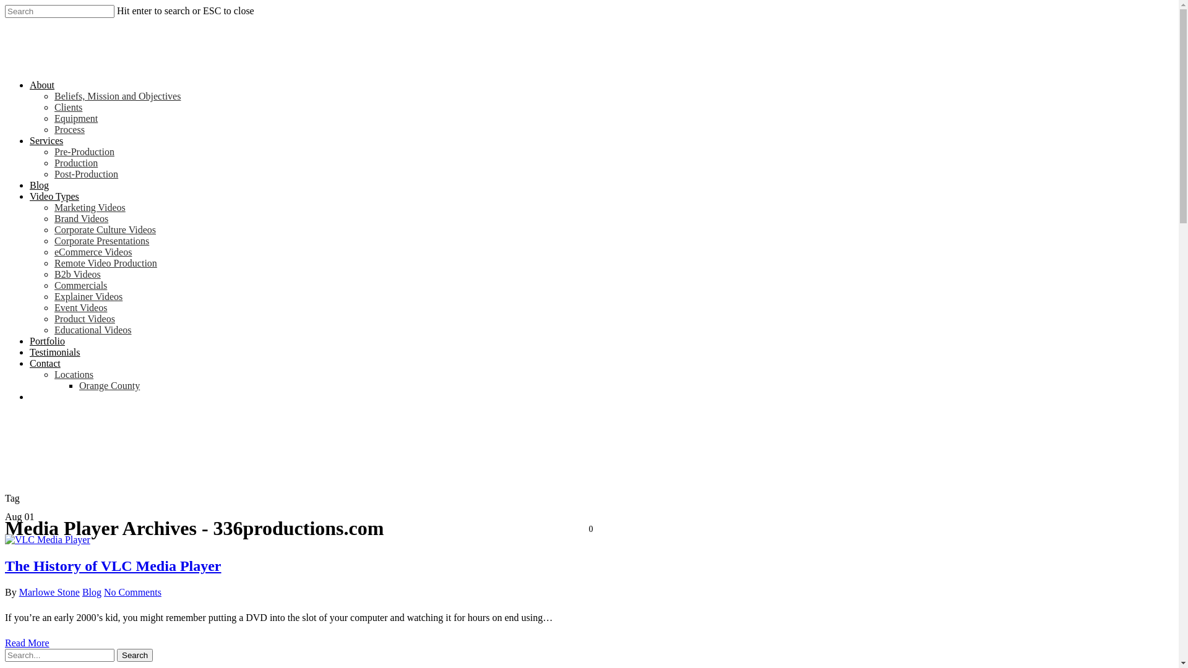 Image resolution: width=1188 pixels, height=668 pixels. I want to click on 'B2b Videos', so click(77, 273).